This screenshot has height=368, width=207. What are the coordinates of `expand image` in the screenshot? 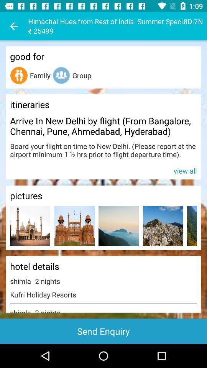 It's located at (192, 226).